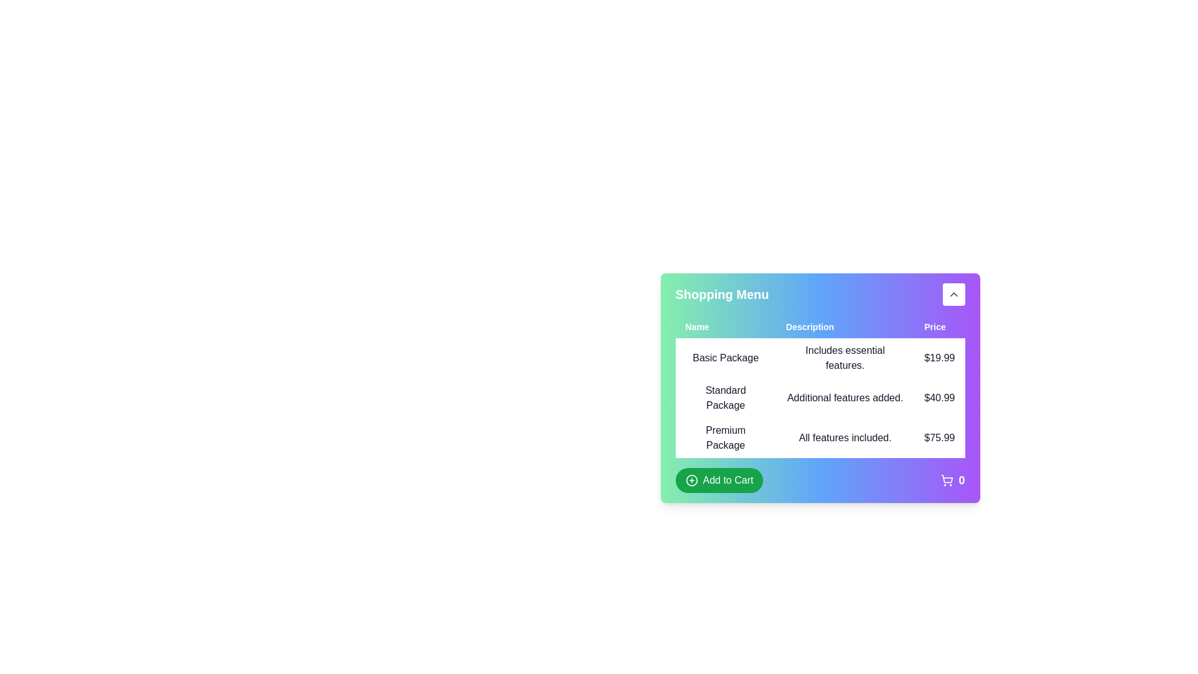 Image resolution: width=1198 pixels, height=674 pixels. What do you see at coordinates (845, 398) in the screenshot?
I see `the static text label displaying 'Additional features added.' in the Description column of the Standard Package row of the pricing table` at bounding box center [845, 398].